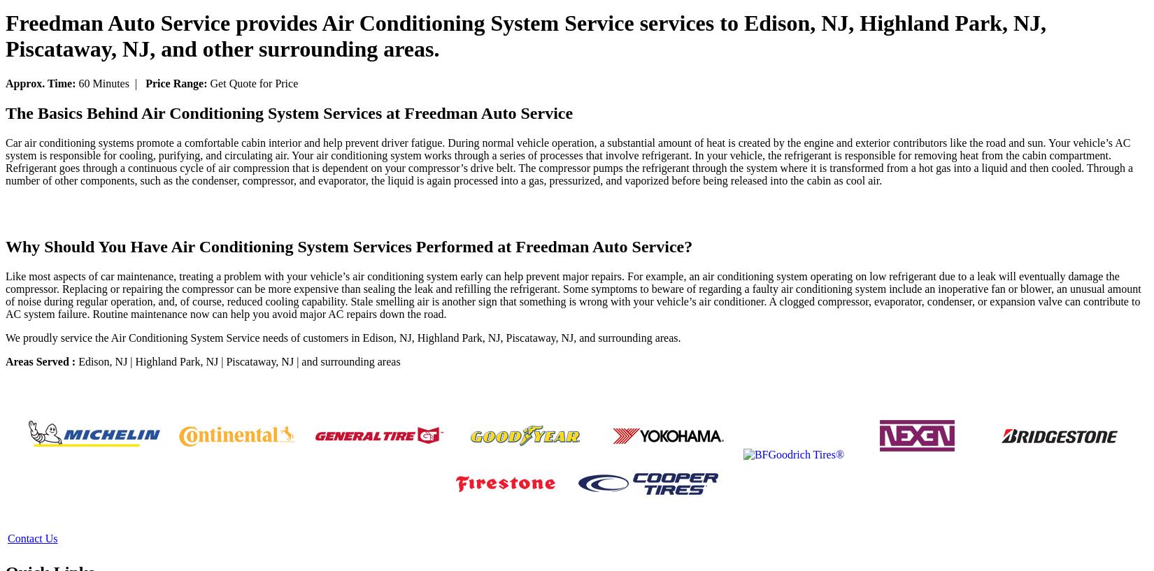 Image resolution: width=1154 pixels, height=571 pixels. Describe the element at coordinates (145, 82) in the screenshot. I see `'Price Range:'` at that location.